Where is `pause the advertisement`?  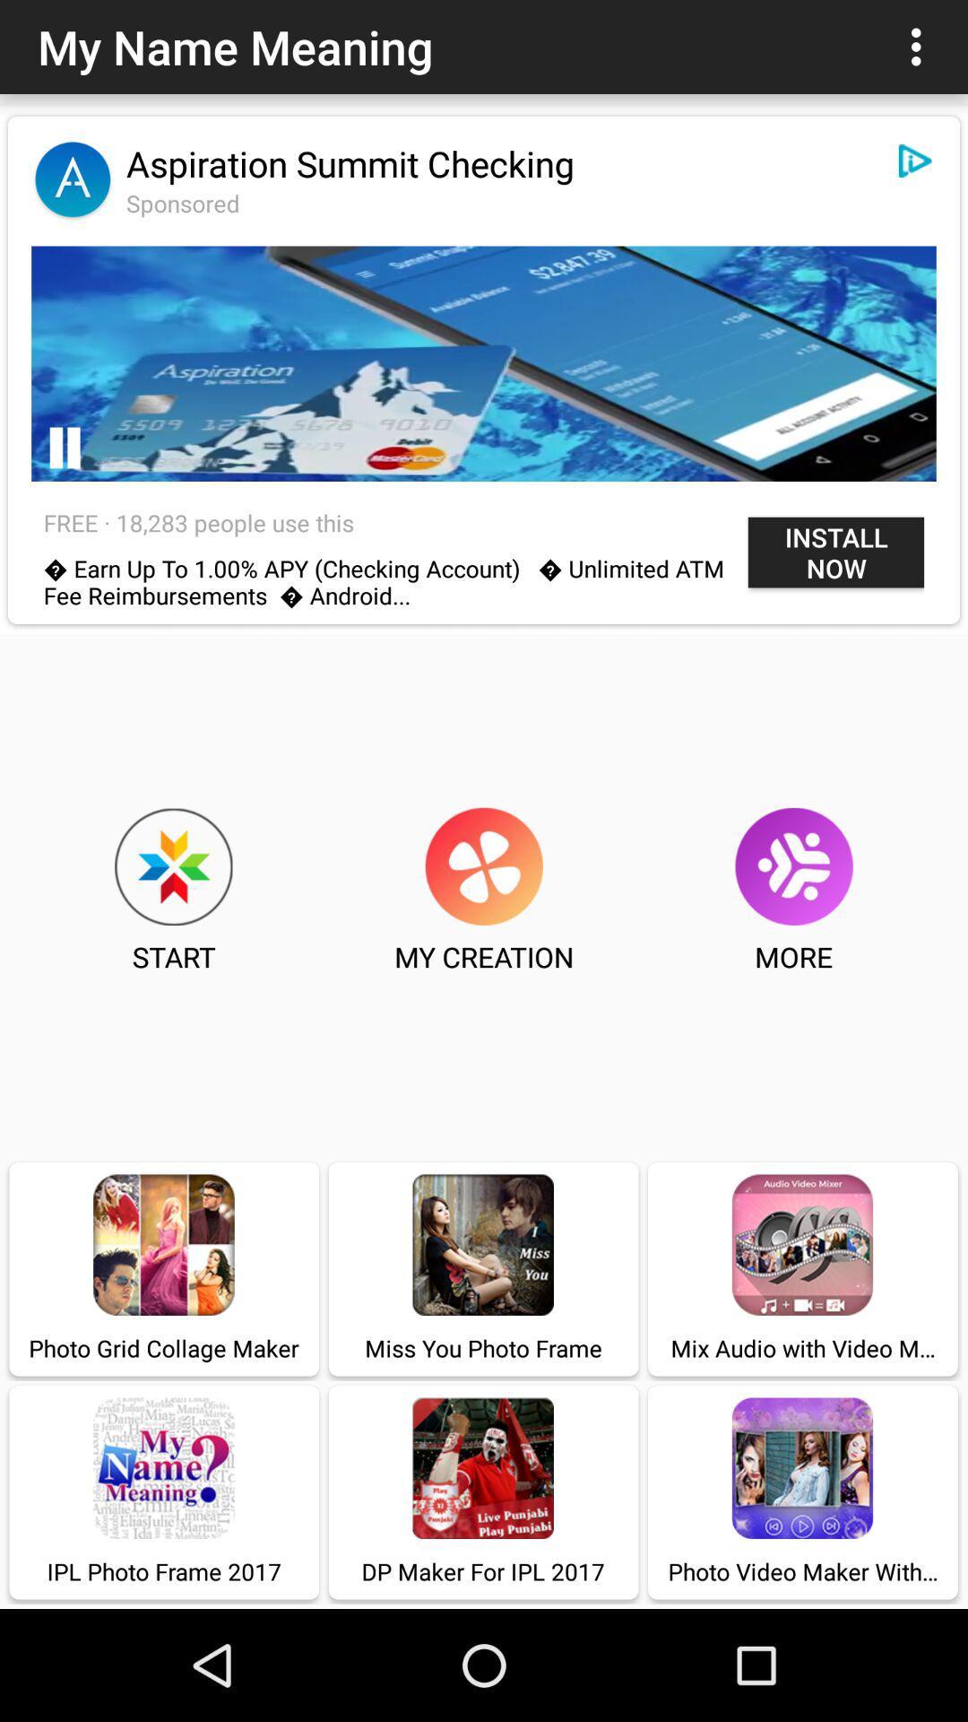 pause the advertisement is located at coordinates (64, 448).